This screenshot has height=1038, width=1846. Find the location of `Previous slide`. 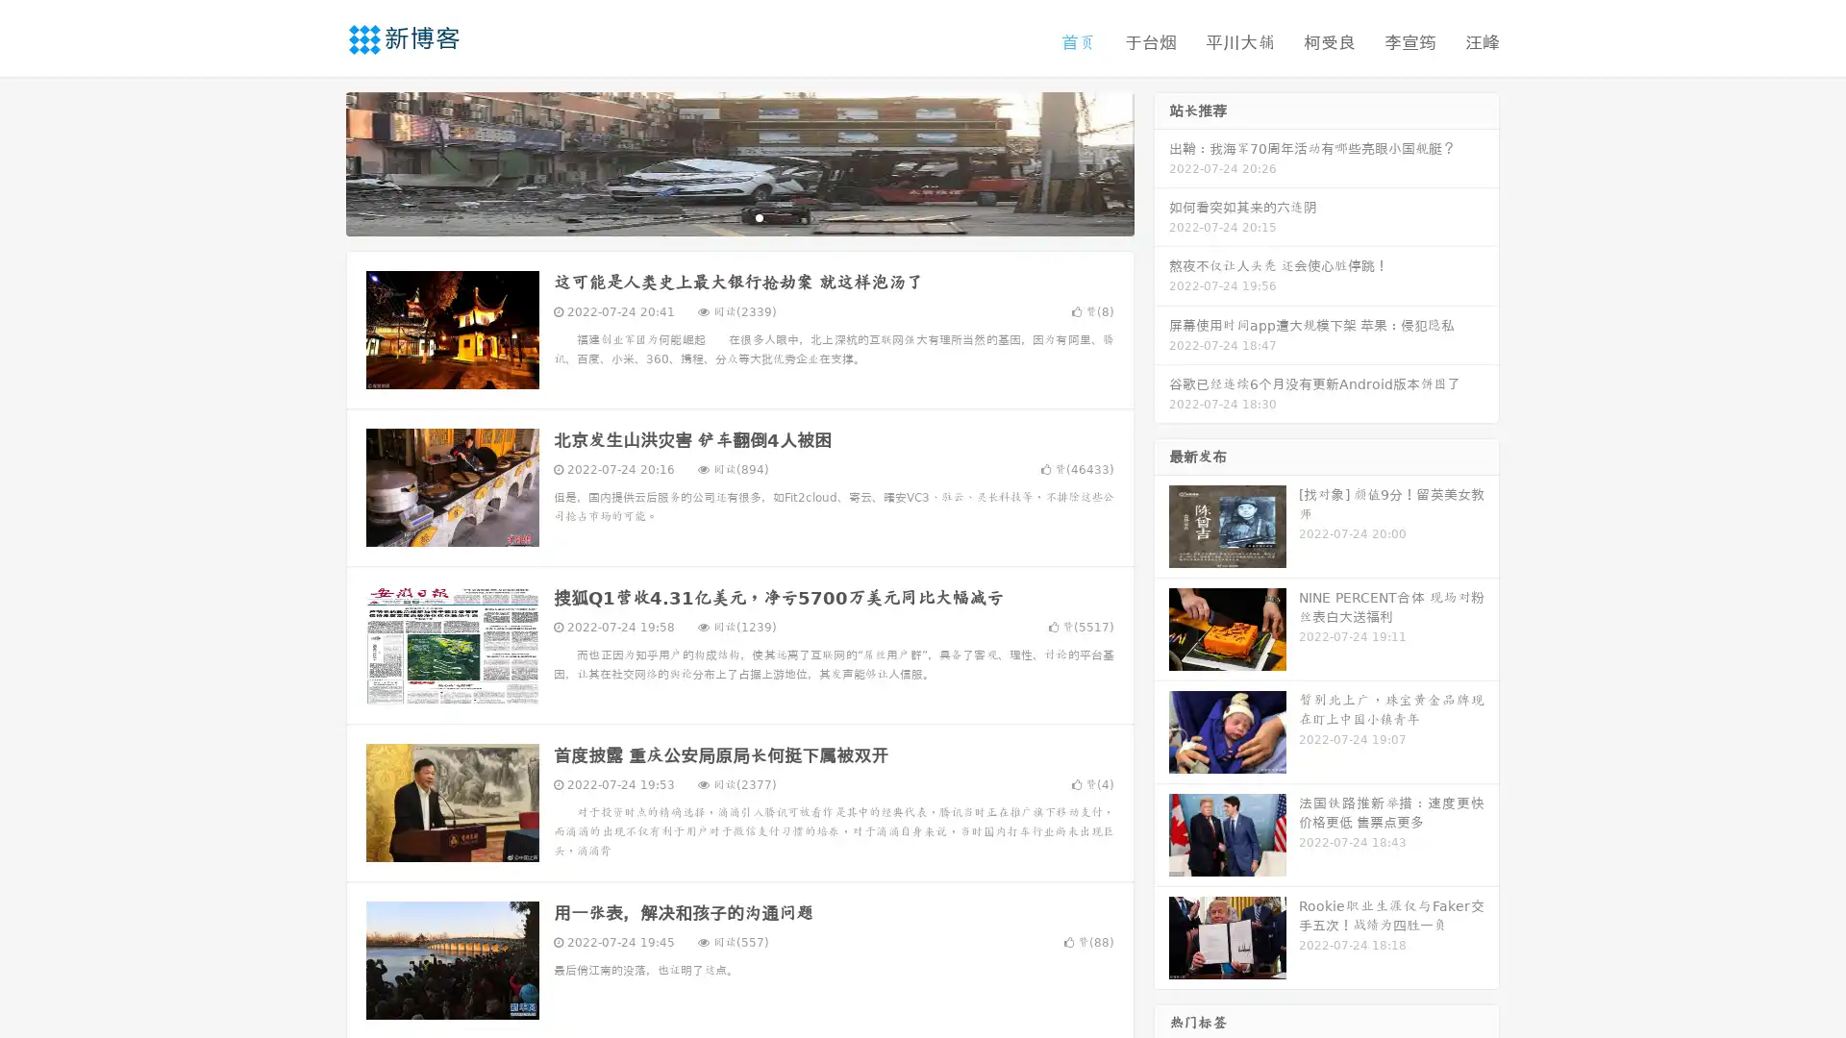

Previous slide is located at coordinates (317, 161).